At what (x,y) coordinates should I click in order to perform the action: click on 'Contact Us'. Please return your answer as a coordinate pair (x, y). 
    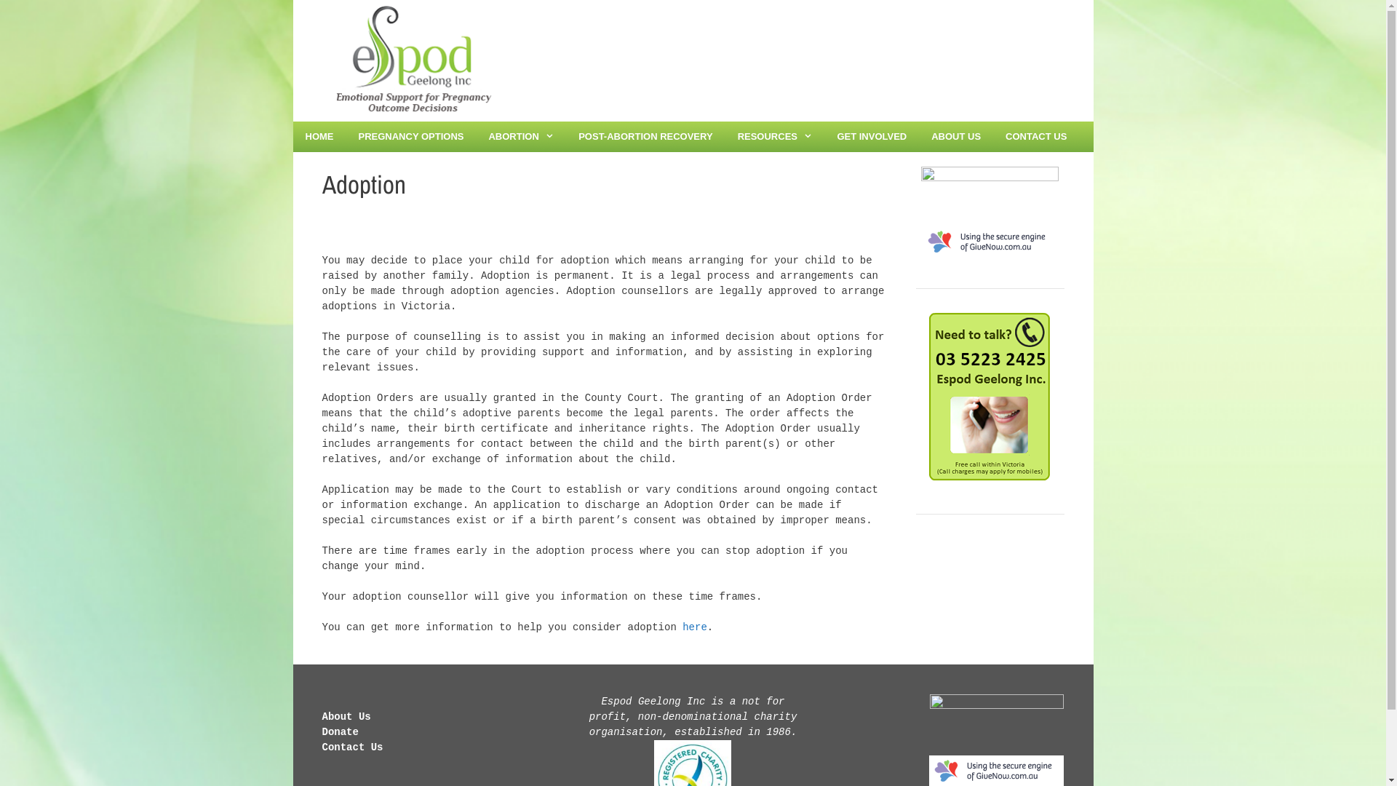
    Looking at the image, I should click on (352, 747).